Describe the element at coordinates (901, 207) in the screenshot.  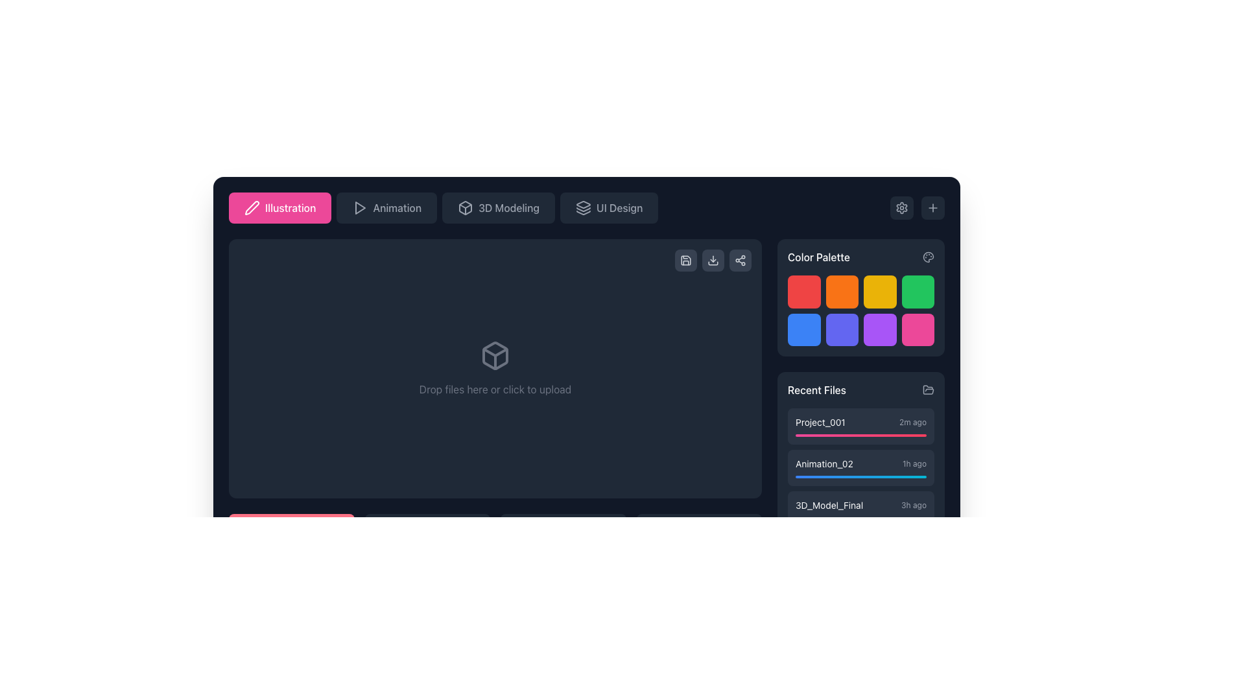
I see `the gear-like circular icon located near the top-right corner of the interface, just to the left of the '+' button` at that location.